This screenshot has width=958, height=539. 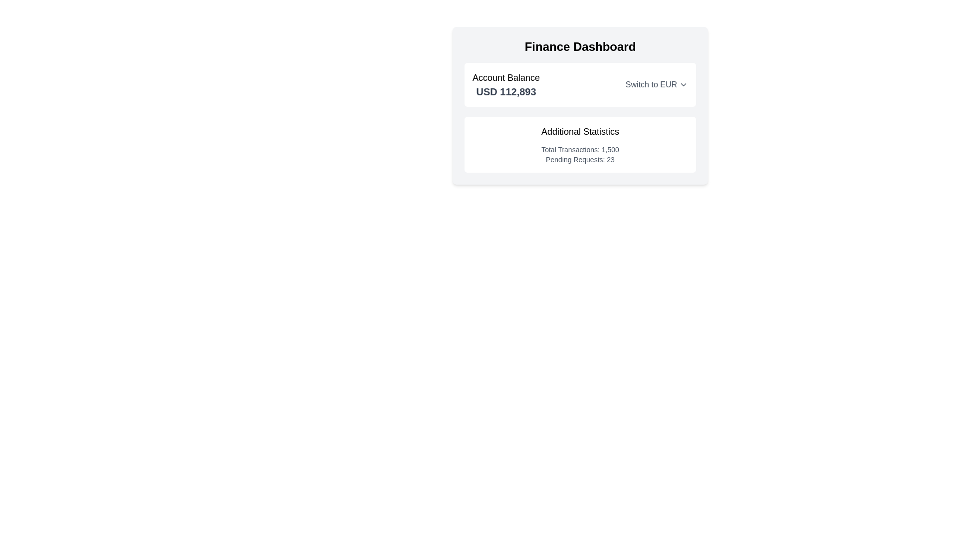 I want to click on the interactive text with dropdown functionality located in the top-right corner of the account balance display to change the text color, so click(x=657, y=84).